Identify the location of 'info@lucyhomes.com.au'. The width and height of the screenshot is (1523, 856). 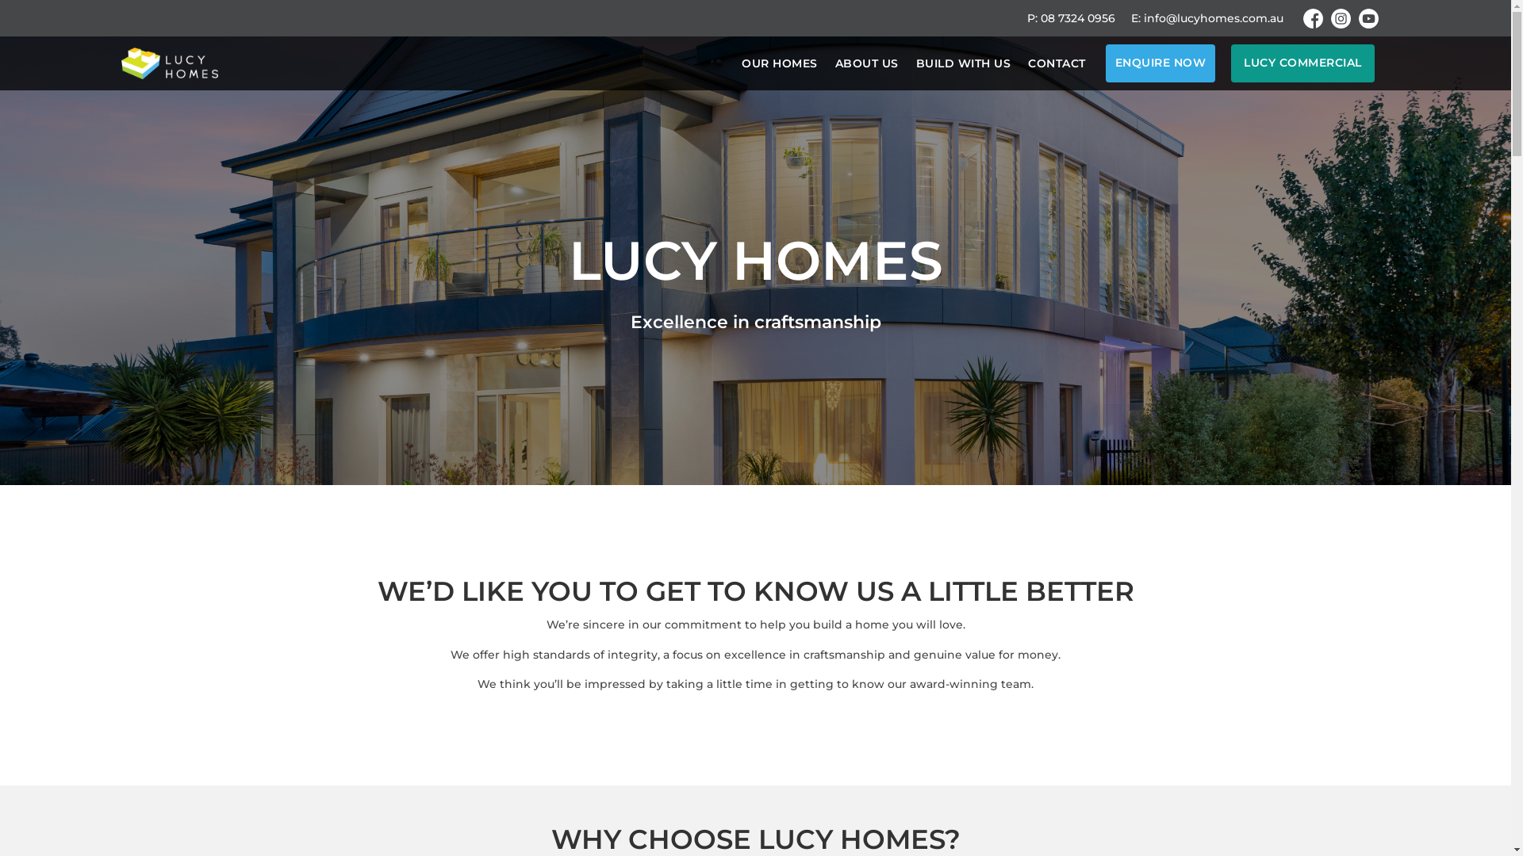
(1143, 18).